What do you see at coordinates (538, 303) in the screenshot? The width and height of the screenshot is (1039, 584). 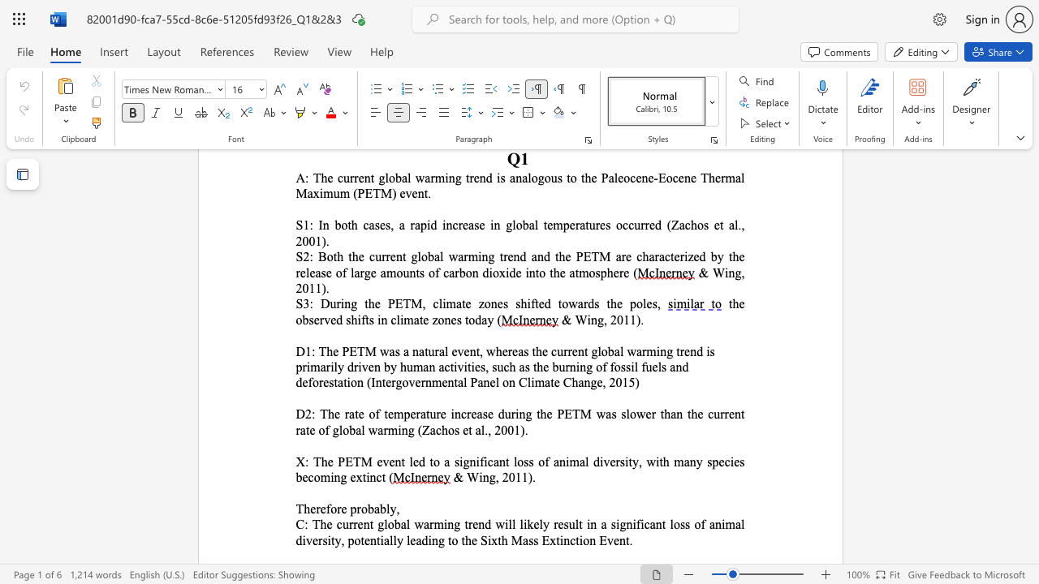 I see `the subset text "ed towards the pole" within the text "S3: During the PETM, climate zones shifted towards the poles,"` at bounding box center [538, 303].